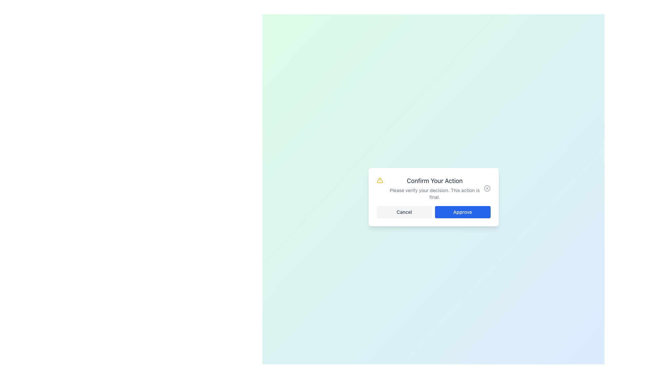  Describe the element at coordinates (435, 188) in the screenshot. I see `text content of the Text block displaying 'Confirm Your Action' and 'Please verify your decision. This action is final.' located in the center of a popup card` at that location.